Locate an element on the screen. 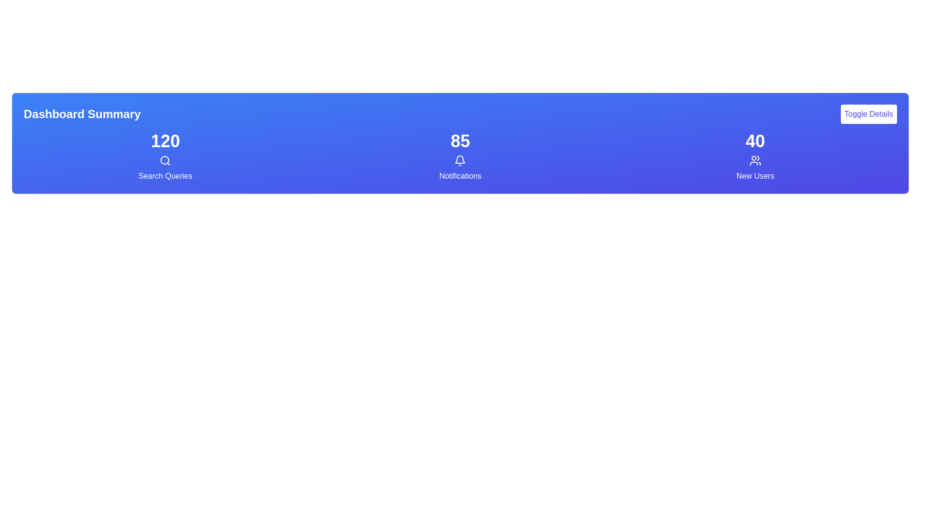 Image resolution: width=931 pixels, height=523 pixels. the Information summary card, which features a blue gradient background, the numeral '120' in bold white text, a magnifying glass icon, and the label 'Search Queries' at the bottom is located at coordinates (165, 156).